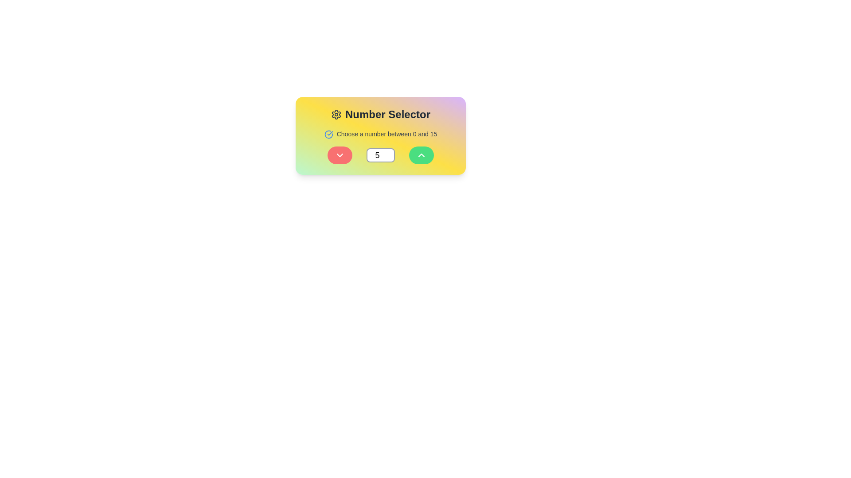 This screenshot has height=478, width=851. What do you see at coordinates (328, 134) in the screenshot?
I see `the icon located to the left of the instruction text 'Choose a number between 0 and 15', which indicates that a condition has been satisfied or is active` at bounding box center [328, 134].